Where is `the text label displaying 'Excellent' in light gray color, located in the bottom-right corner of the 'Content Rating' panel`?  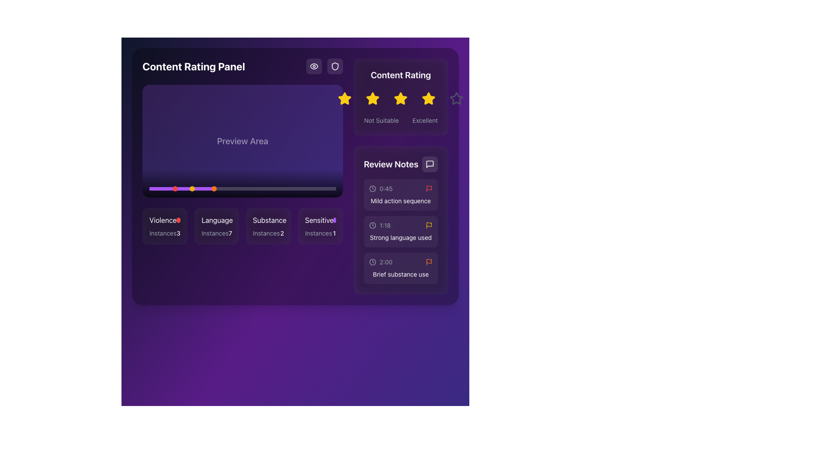
the text label displaying 'Excellent' in light gray color, located in the bottom-right corner of the 'Content Rating' panel is located at coordinates (425, 121).